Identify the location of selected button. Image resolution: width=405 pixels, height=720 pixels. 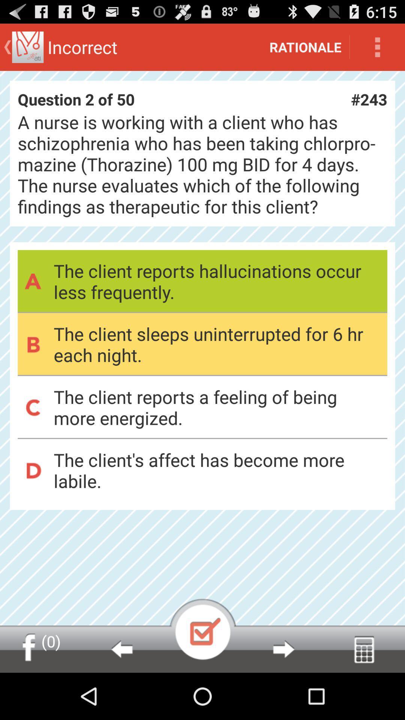
(202, 629).